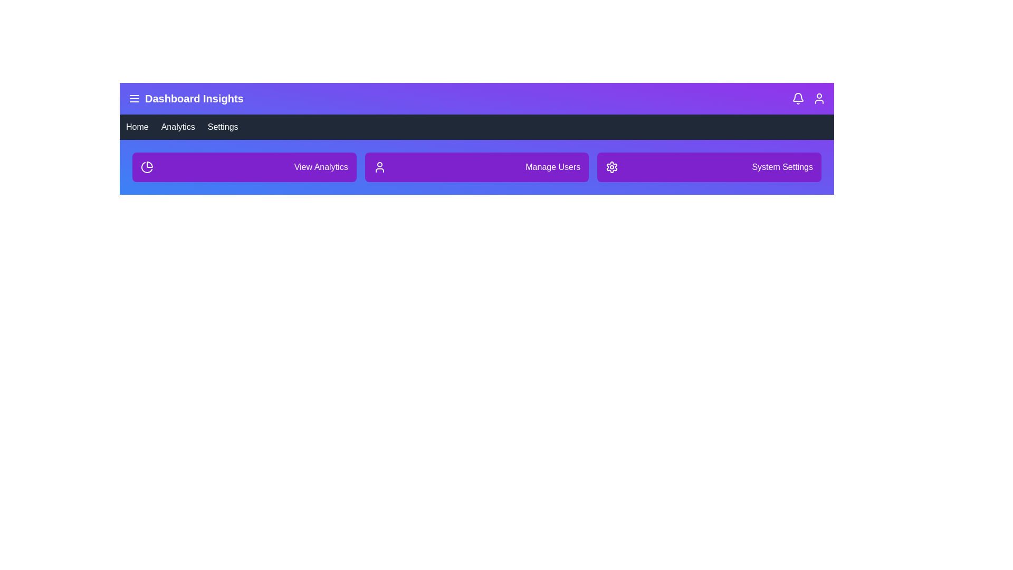 The width and height of the screenshot is (1013, 570). What do you see at coordinates (709, 166) in the screenshot?
I see `the System Settings button in the dashboard` at bounding box center [709, 166].